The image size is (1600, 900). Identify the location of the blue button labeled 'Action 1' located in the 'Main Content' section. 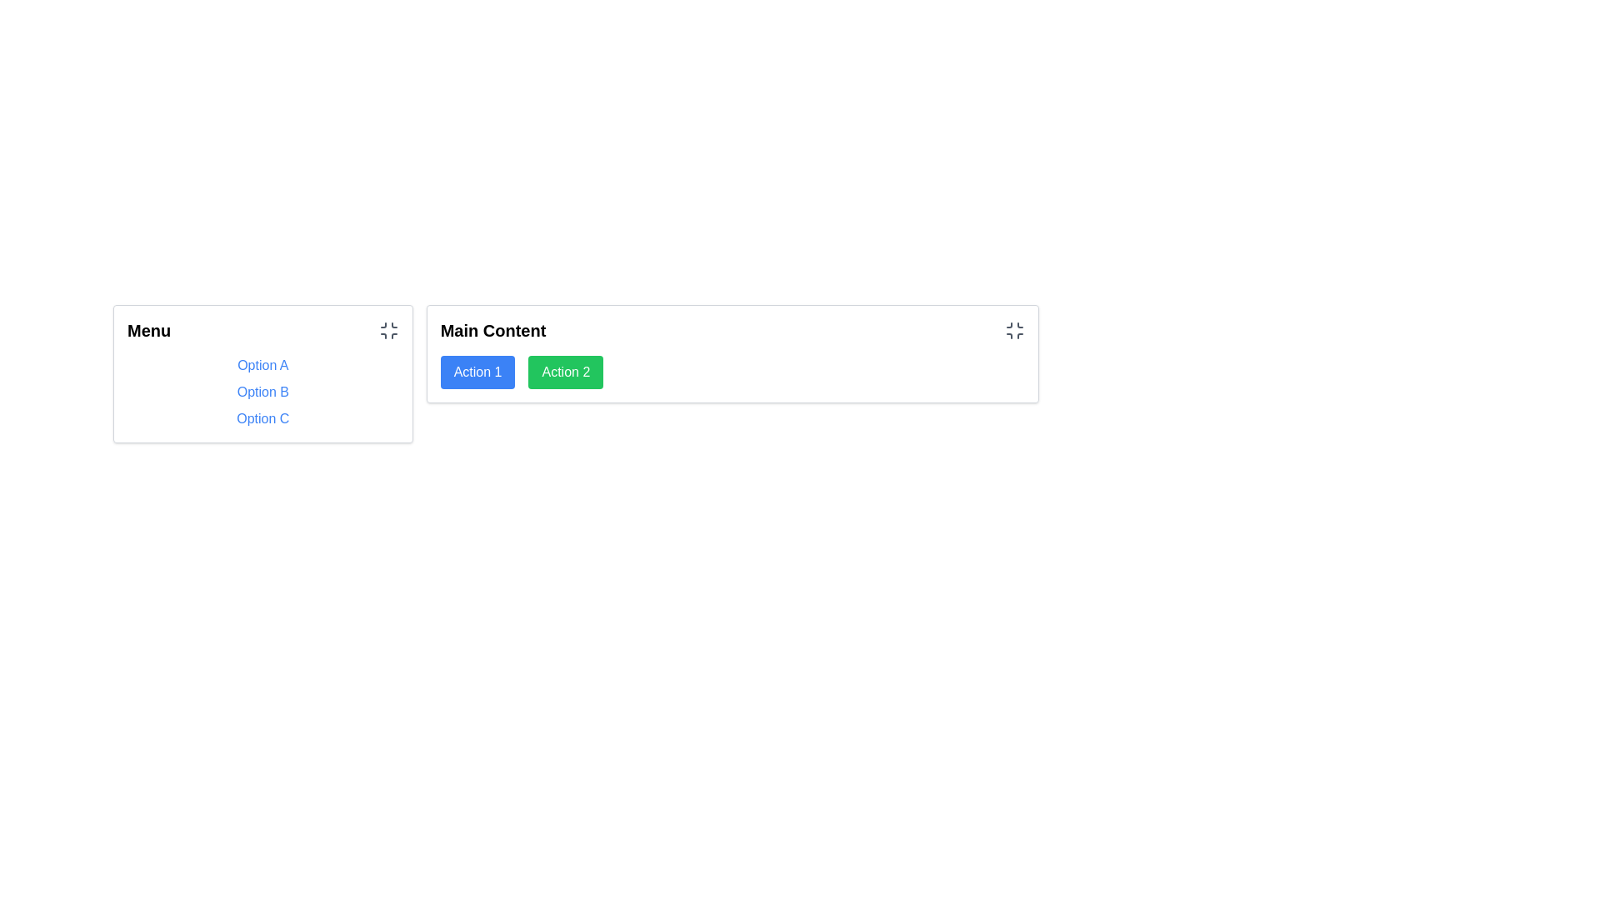
(477, 372).